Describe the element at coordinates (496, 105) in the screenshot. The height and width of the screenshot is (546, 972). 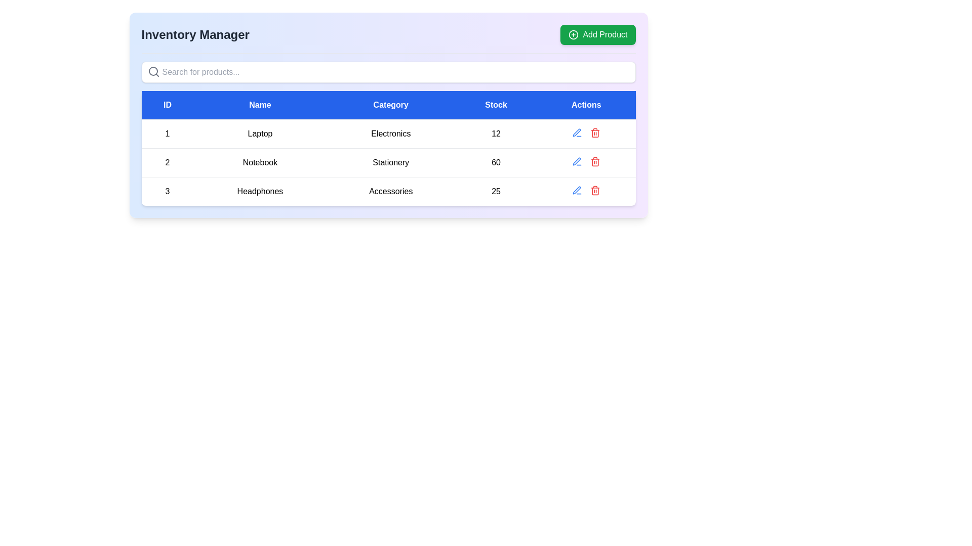
I see `the 'Stock' column header` at that location.